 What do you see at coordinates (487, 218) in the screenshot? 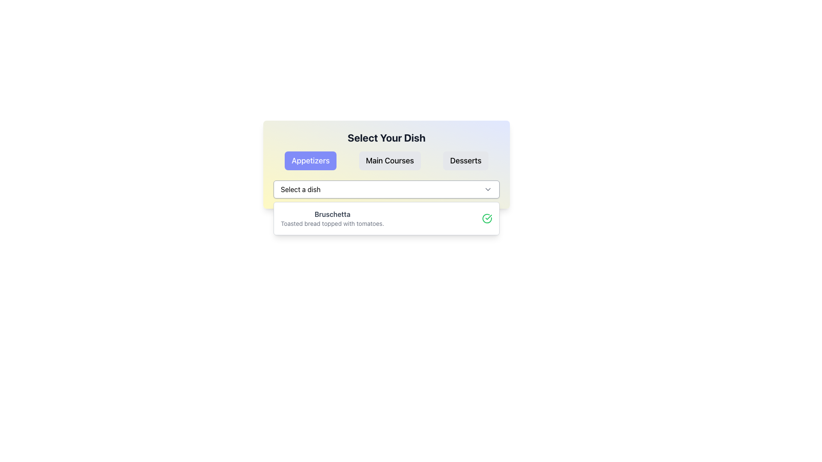
I see `the indicator icon to the right of the text description 'Bruschetta - Toasted bread topped with tomatoes'` at bounding box center [487, 218].